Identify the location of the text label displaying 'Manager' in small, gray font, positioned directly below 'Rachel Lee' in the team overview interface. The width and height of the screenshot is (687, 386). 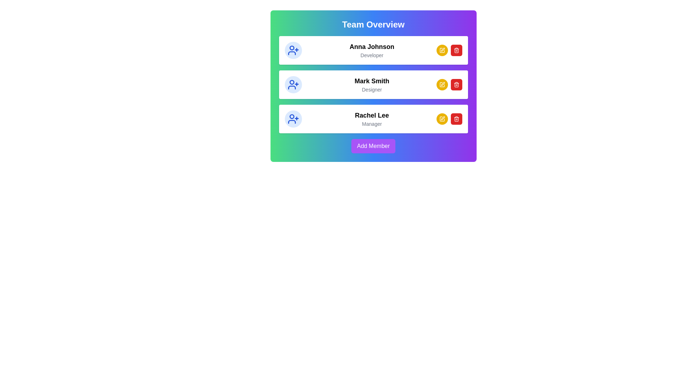
(372, 124).